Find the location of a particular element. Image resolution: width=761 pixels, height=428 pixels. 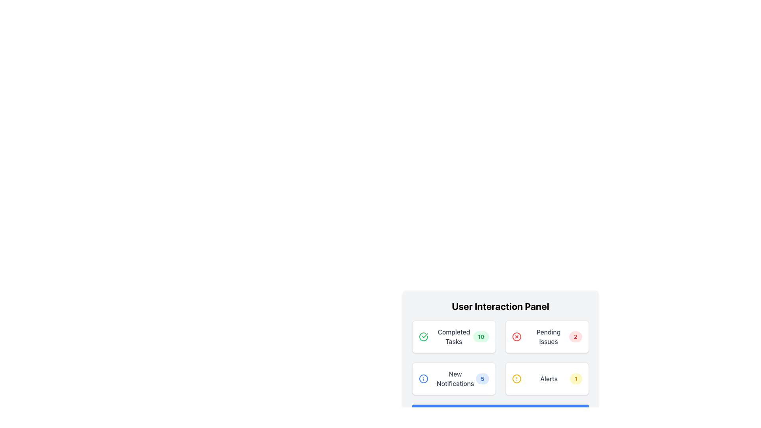

the information icon, which has a circular border and an 'i' symbol in the center, located in the lower-left quadrant of the 'User Interaction Panel' section is located at coordinates (423, 378).